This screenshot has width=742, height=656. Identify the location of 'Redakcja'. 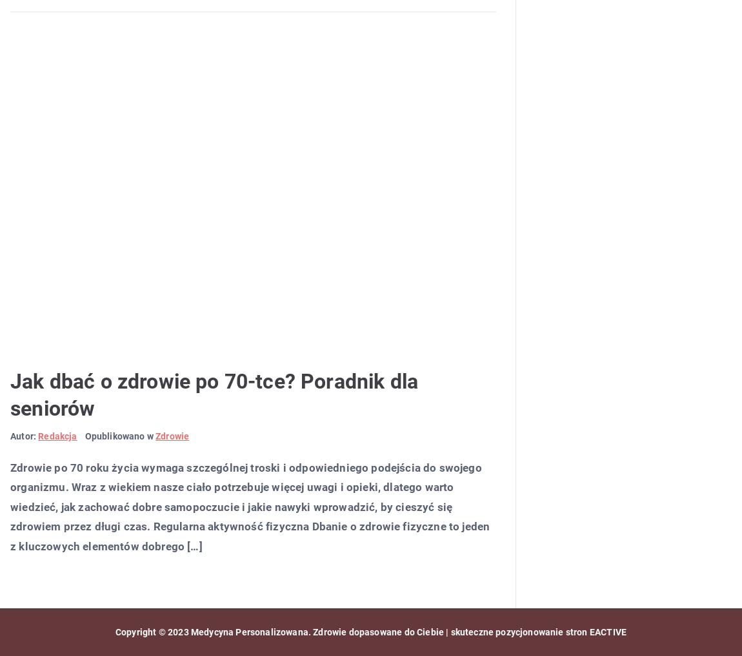
(57, 436).